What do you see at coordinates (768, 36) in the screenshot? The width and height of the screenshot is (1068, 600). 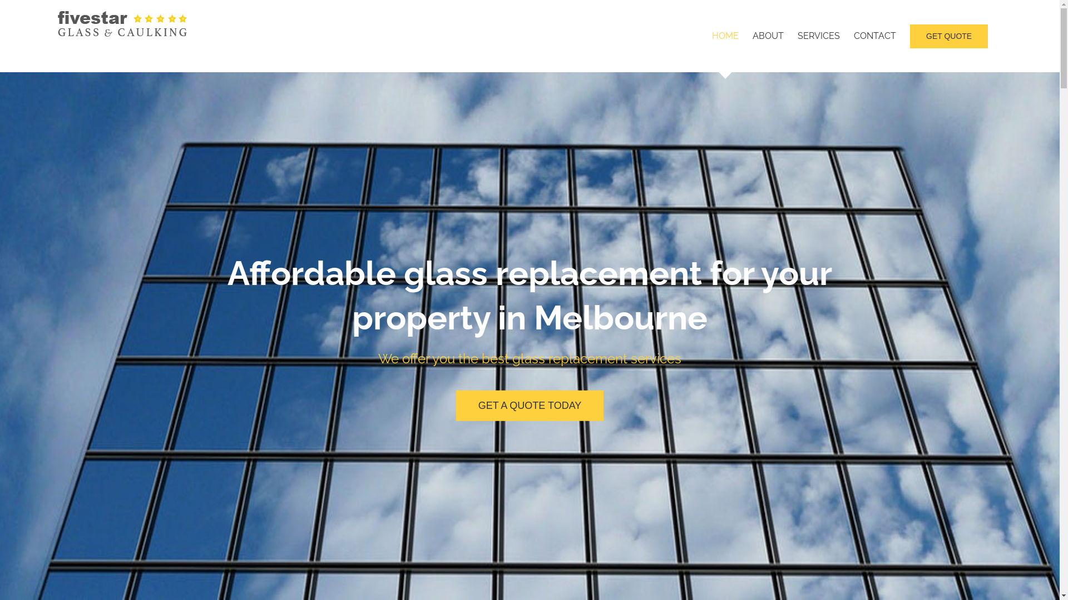 I see `'ABOUT'` at bounding box center [768, 36].